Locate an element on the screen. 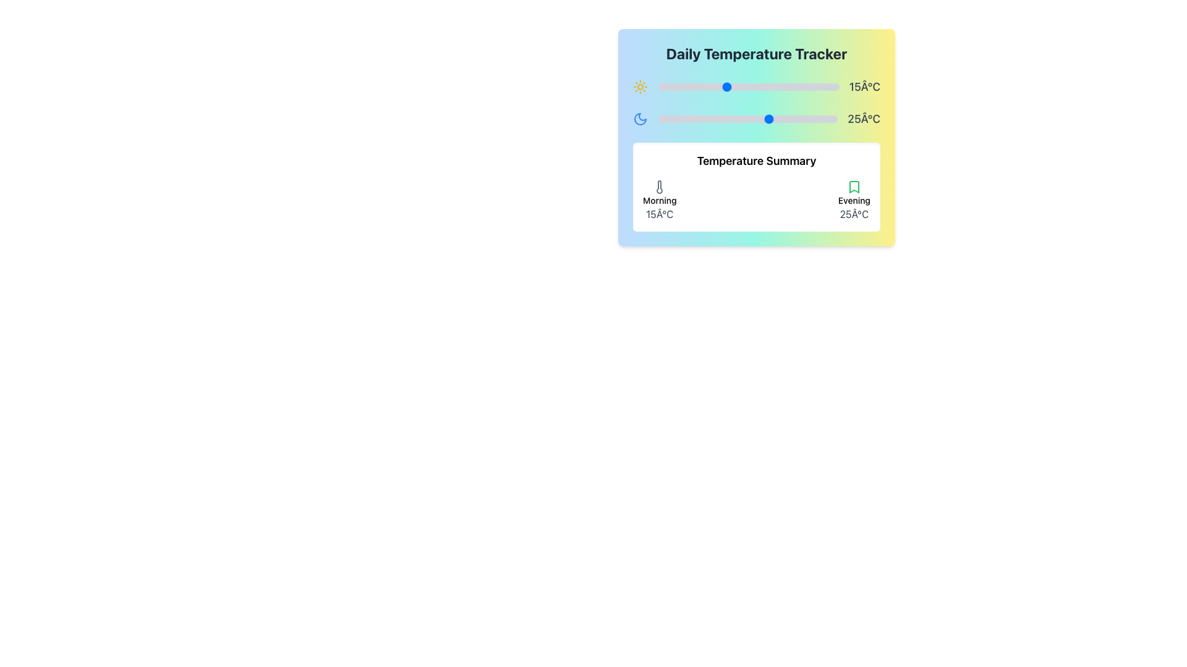 This screenshot has height=667, width=1187. the slider located centrally beneath the sun icon and next to the numerical value '15°C' to reposition its handle is located at coordinates (747, 86).